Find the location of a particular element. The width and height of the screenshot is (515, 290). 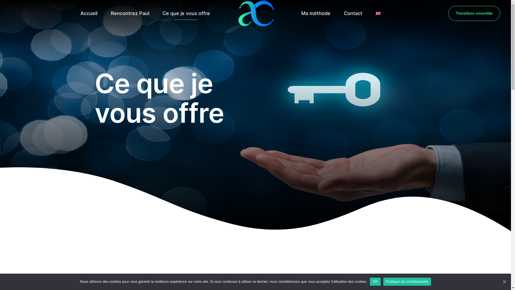

'Contact' is located at coordinates (338, 13).